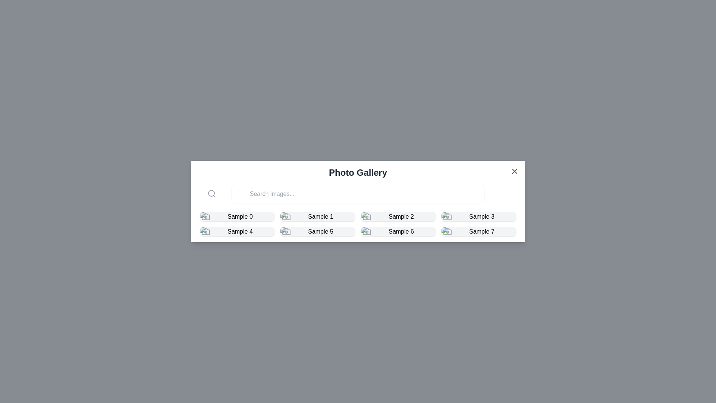  I want to click on the image attachment icon associated with the 'Sample 2' label in the 'Photo Gallery' interface, located in the first column of the second row, so click(367, 217).